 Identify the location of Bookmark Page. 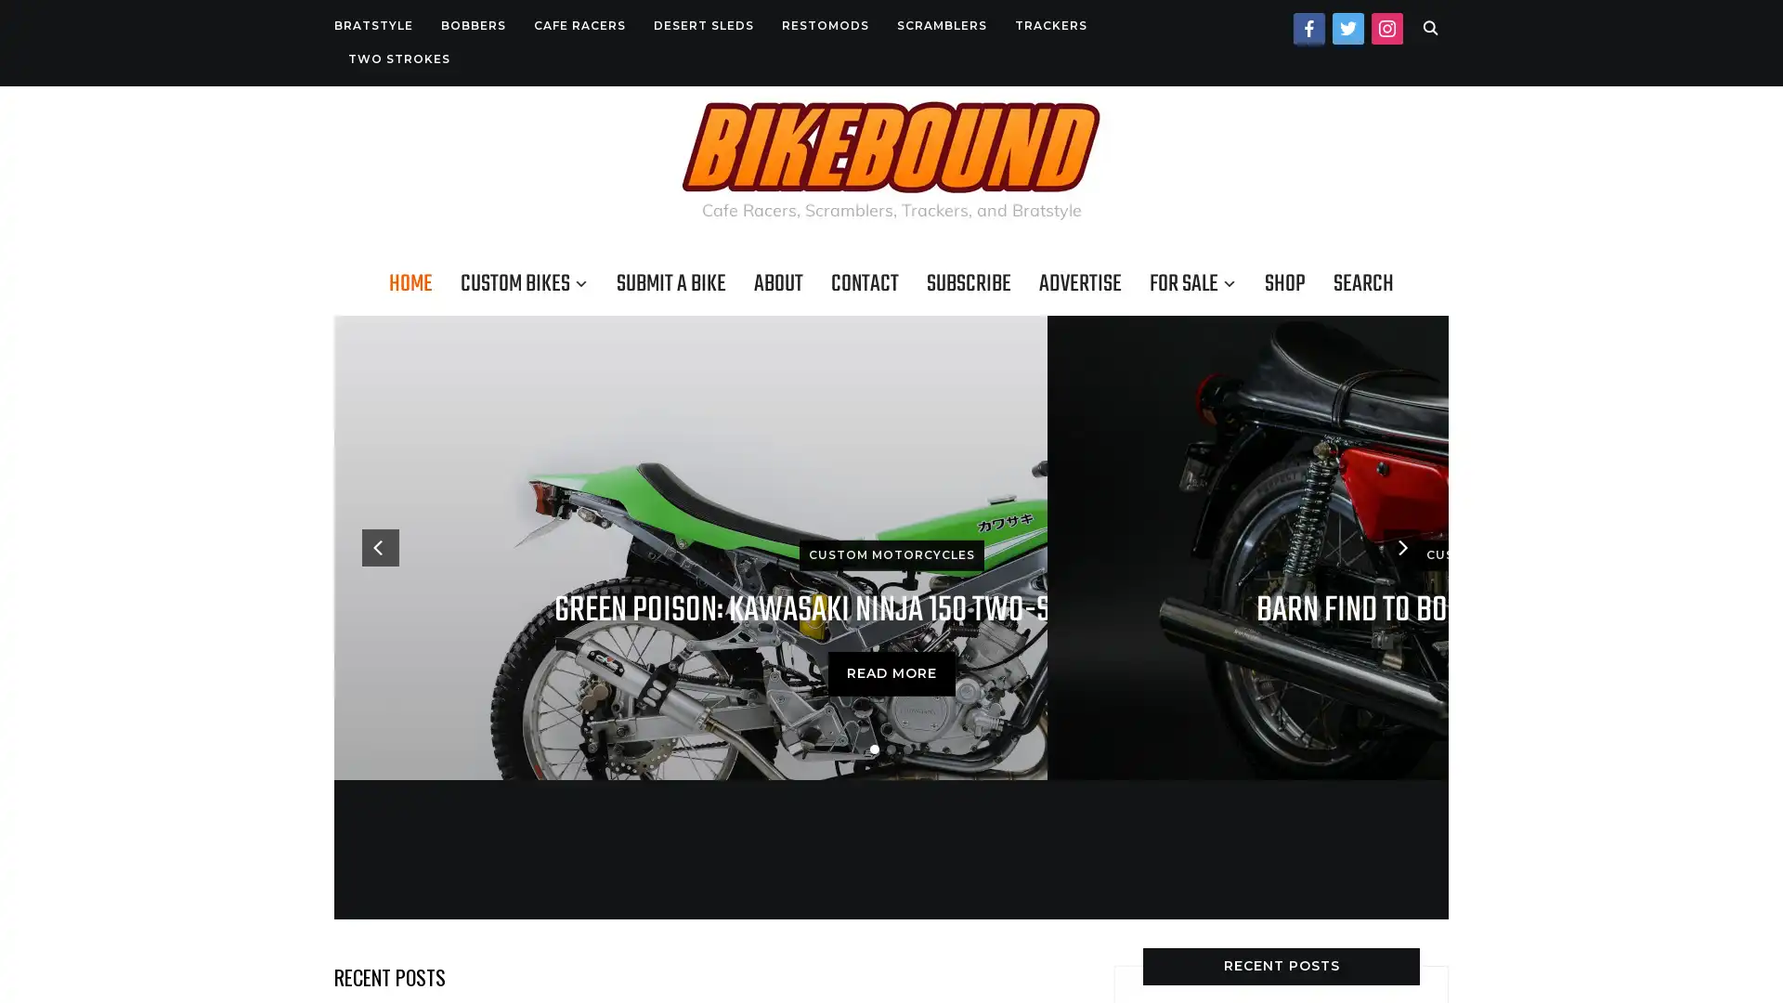
(1746, 902).